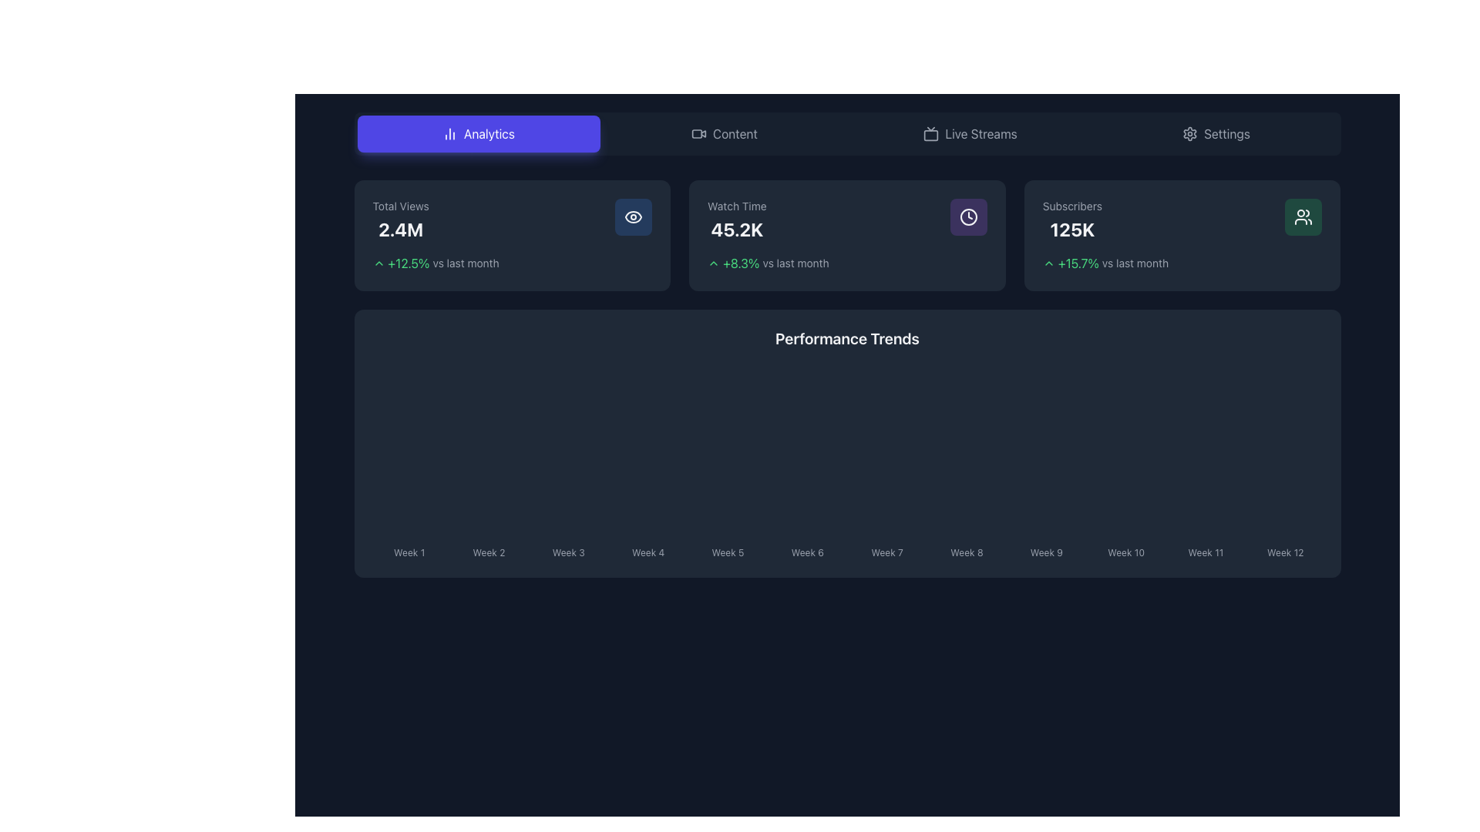 The width and height of the screenshot is (1480, 832). I want to click on text of the label indicating the second week in a horizontal sequence of weekly labels located in the bottom section of the interface, so click(488, 549).